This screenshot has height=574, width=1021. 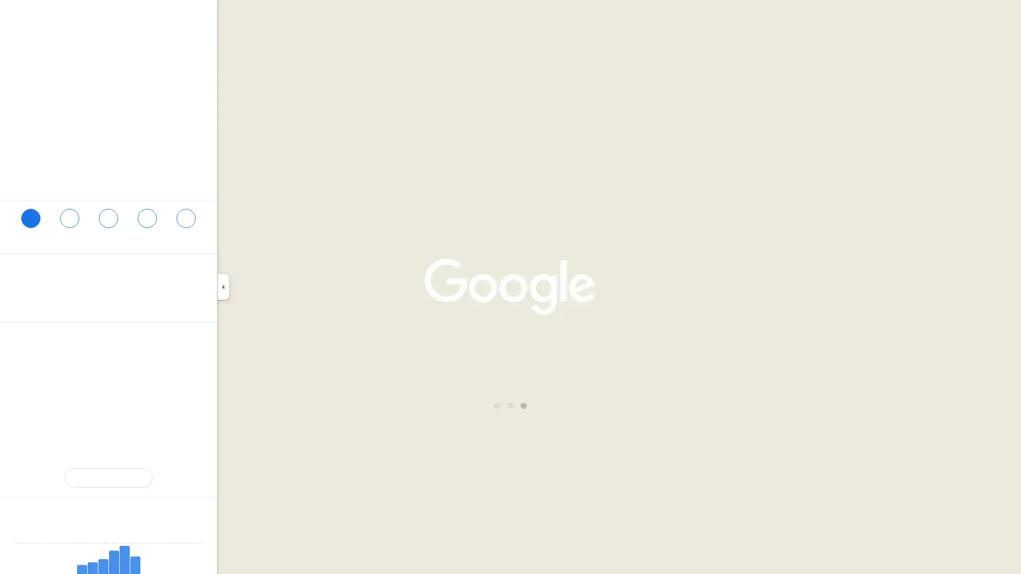 What do you see at coordinates (199, 373) in the screenshot?
I see `Copy website` at bounding box center [199, 373].